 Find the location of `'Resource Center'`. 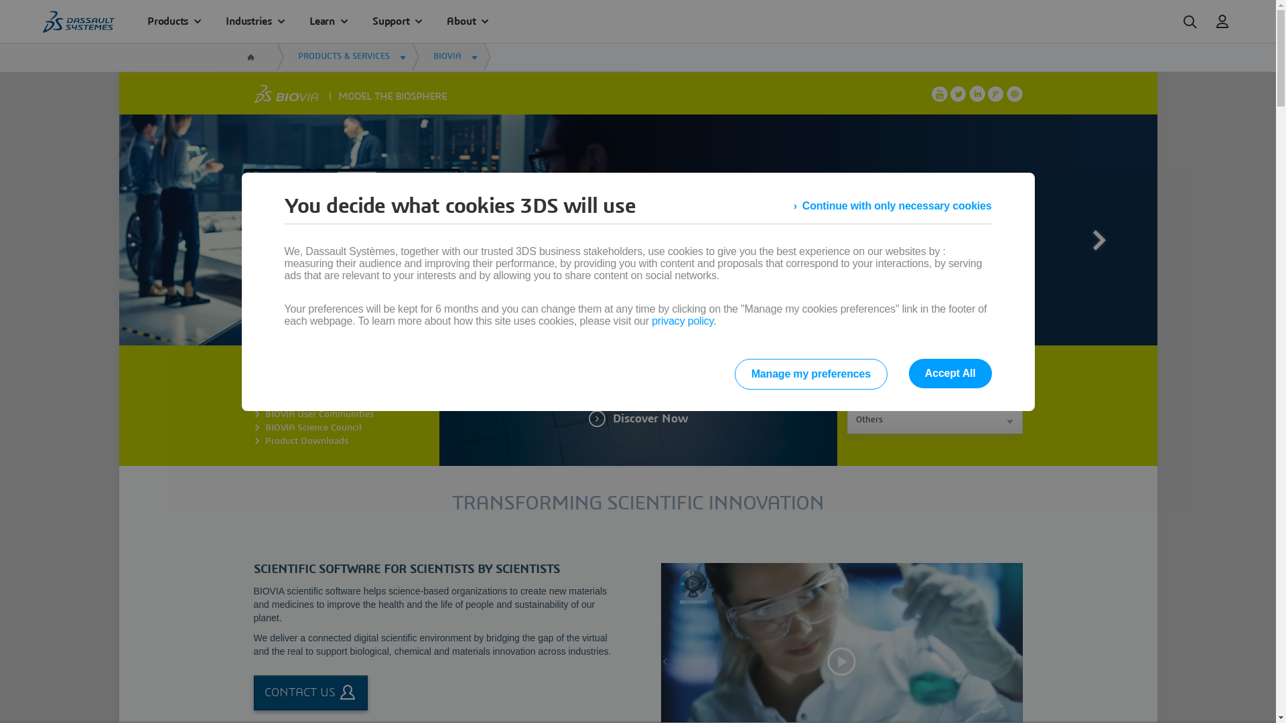

'Resource Center' is located at coordinates (298, 387).